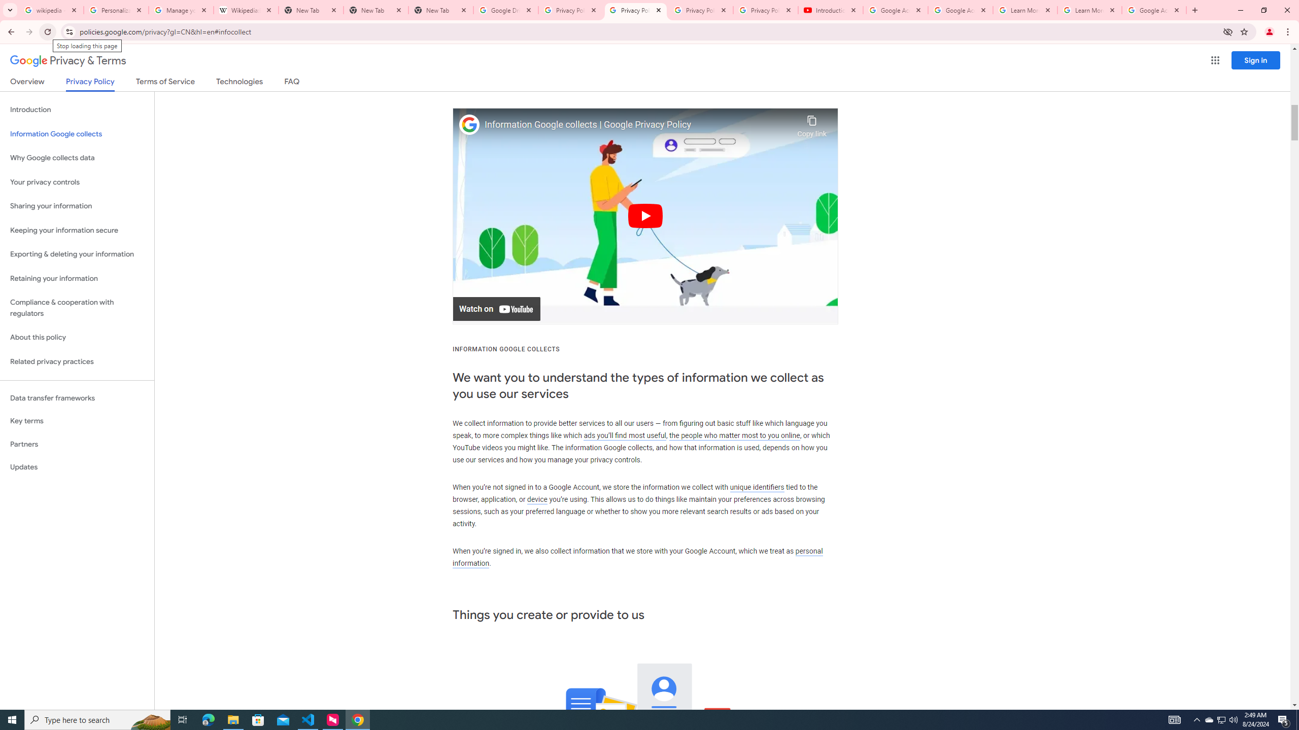 This screenshot has height=730, width=1299. What do you see at coordinates (116, 10) in the screenshot?
I see `'Personalization & Google Search results - Google Search Help'` at bounding box center [116, 10].